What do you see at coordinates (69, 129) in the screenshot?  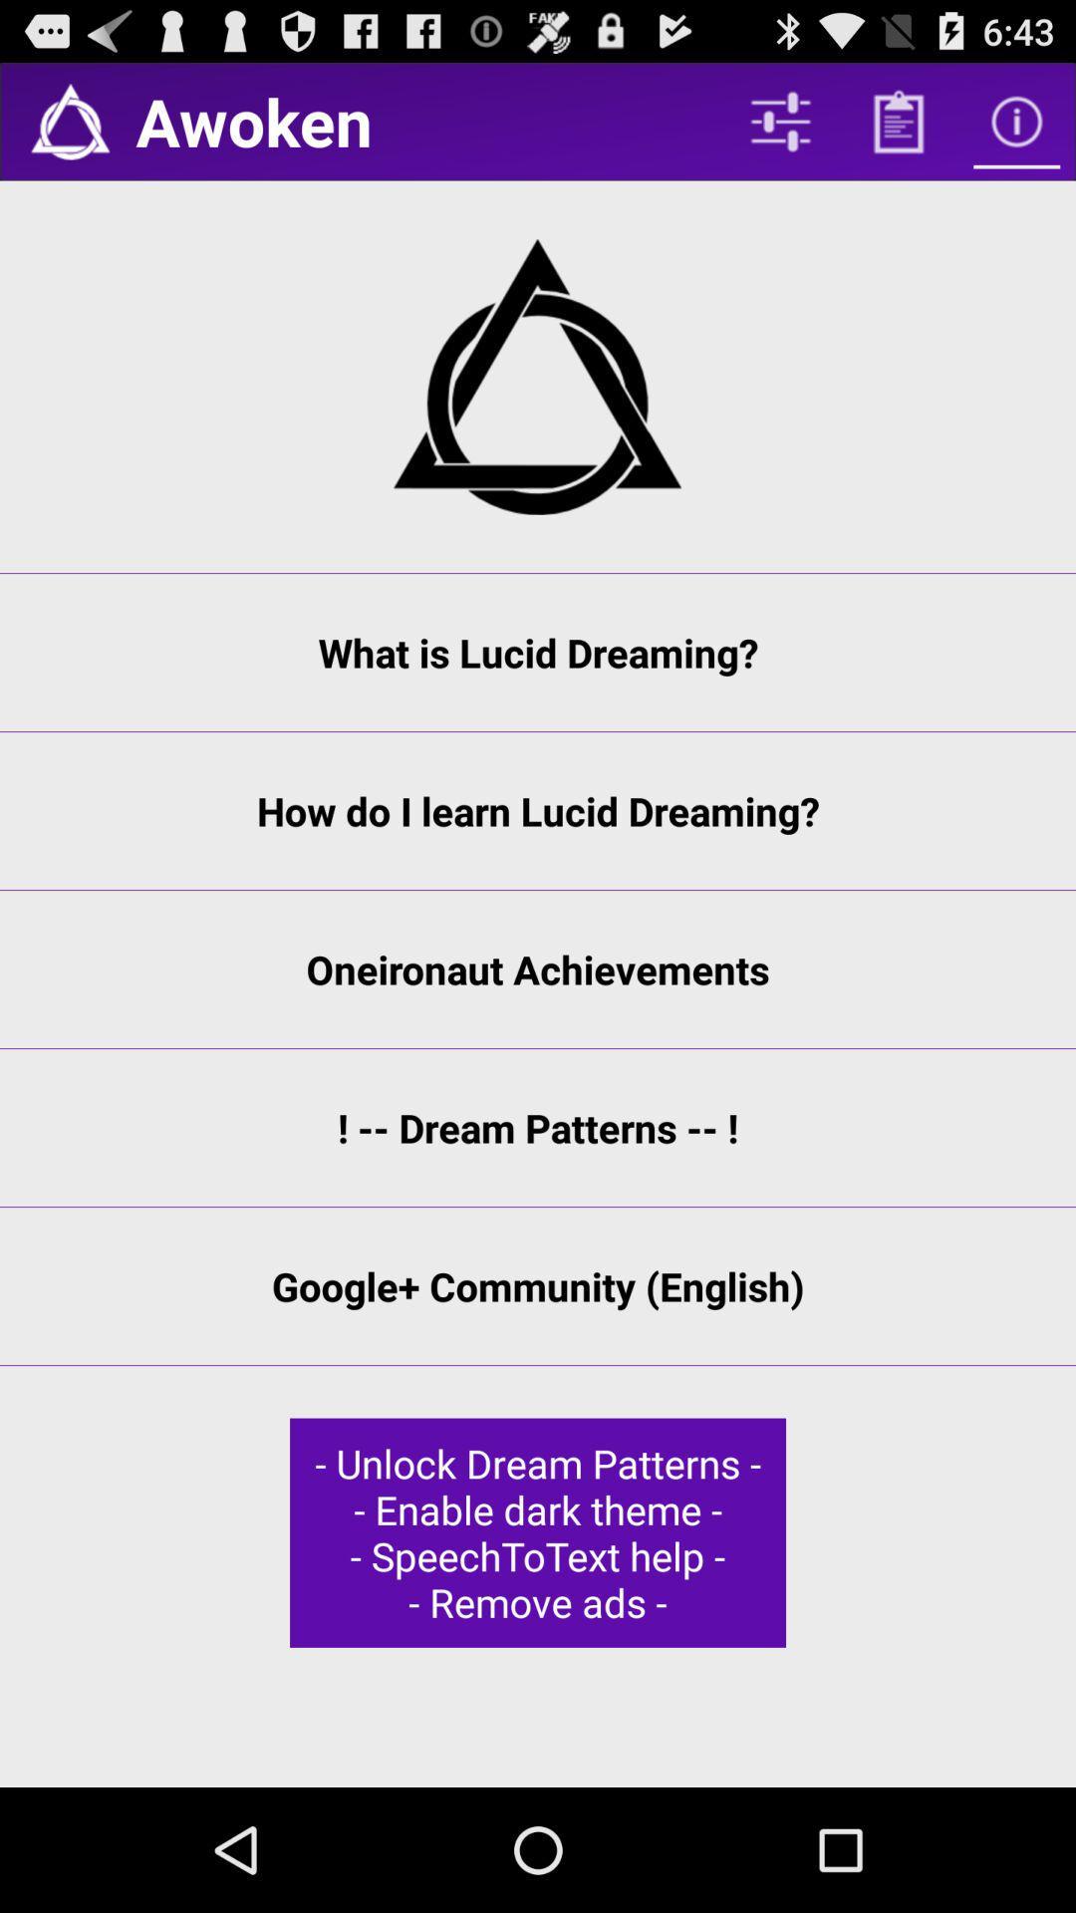 I see `the notifications icon` at bounding box center [69, 129].